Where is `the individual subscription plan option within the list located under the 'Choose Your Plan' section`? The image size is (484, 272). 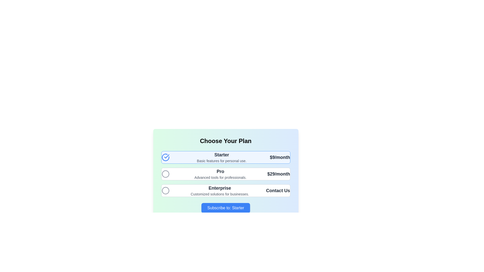
the individual subscription plan option within the list located under the 'Choose Your Plan' section is located at coordinates (225, 174).